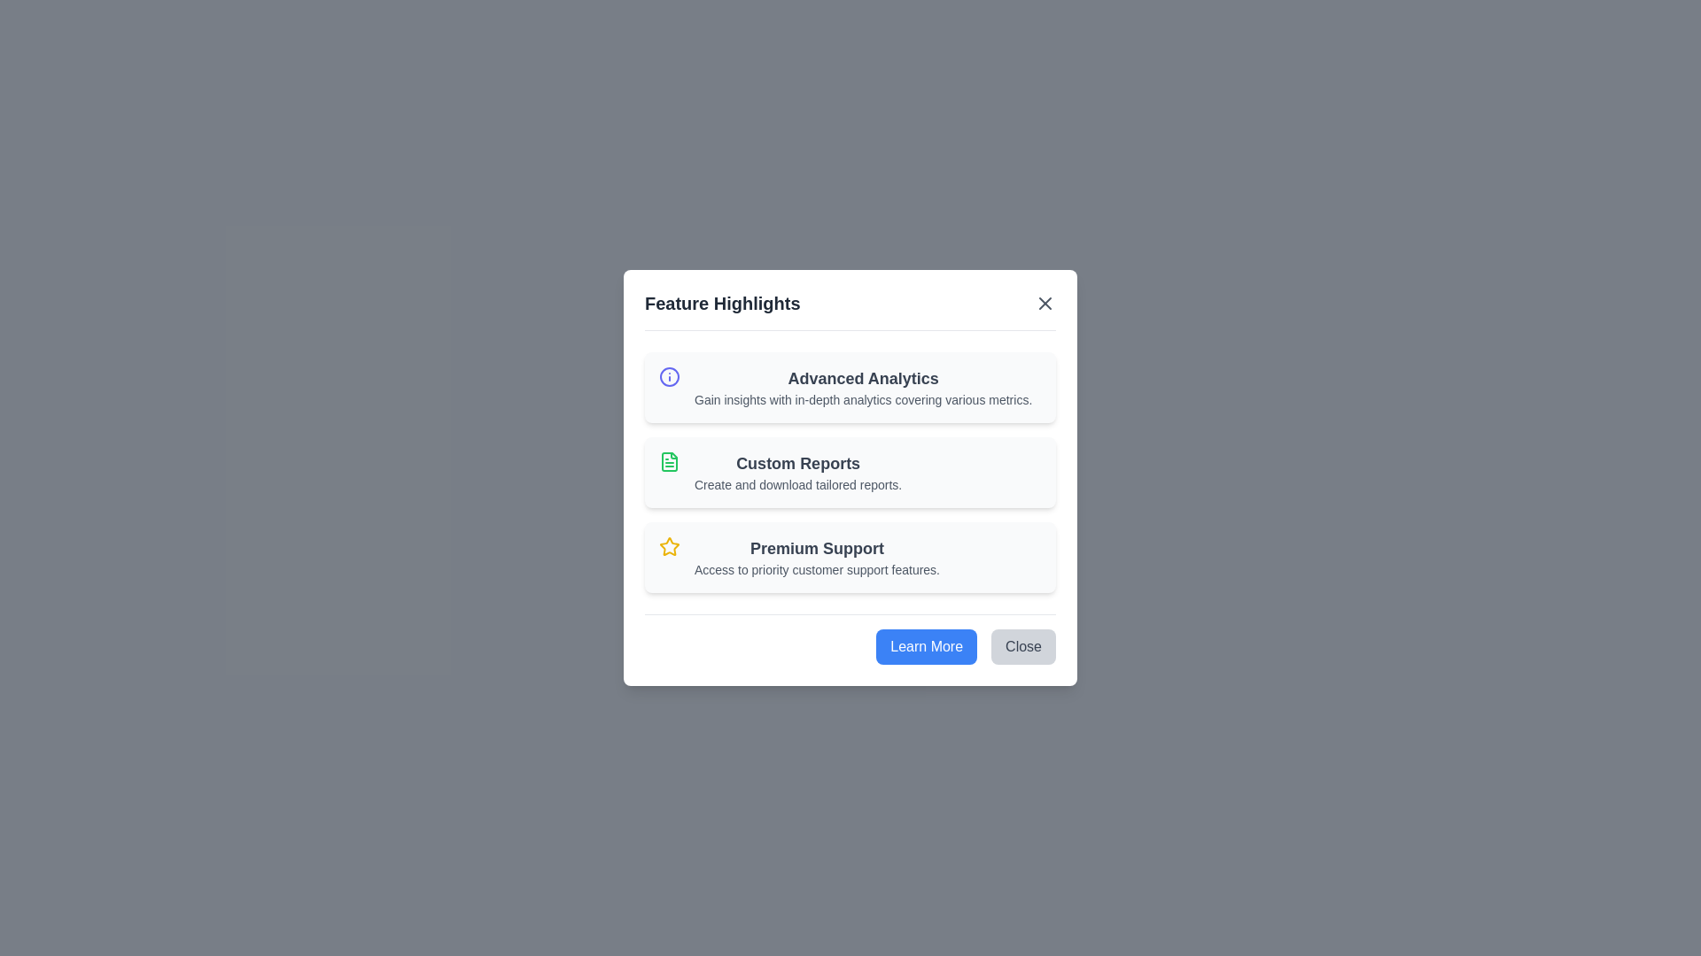 Image resolution: width=1701 pixels, height=956 pixels. I want to click on the informational text block titled 'Premium Support' that provides access to priority customer support features, located in the 'Feature Highlights' modal dialog, so click(816, 556).